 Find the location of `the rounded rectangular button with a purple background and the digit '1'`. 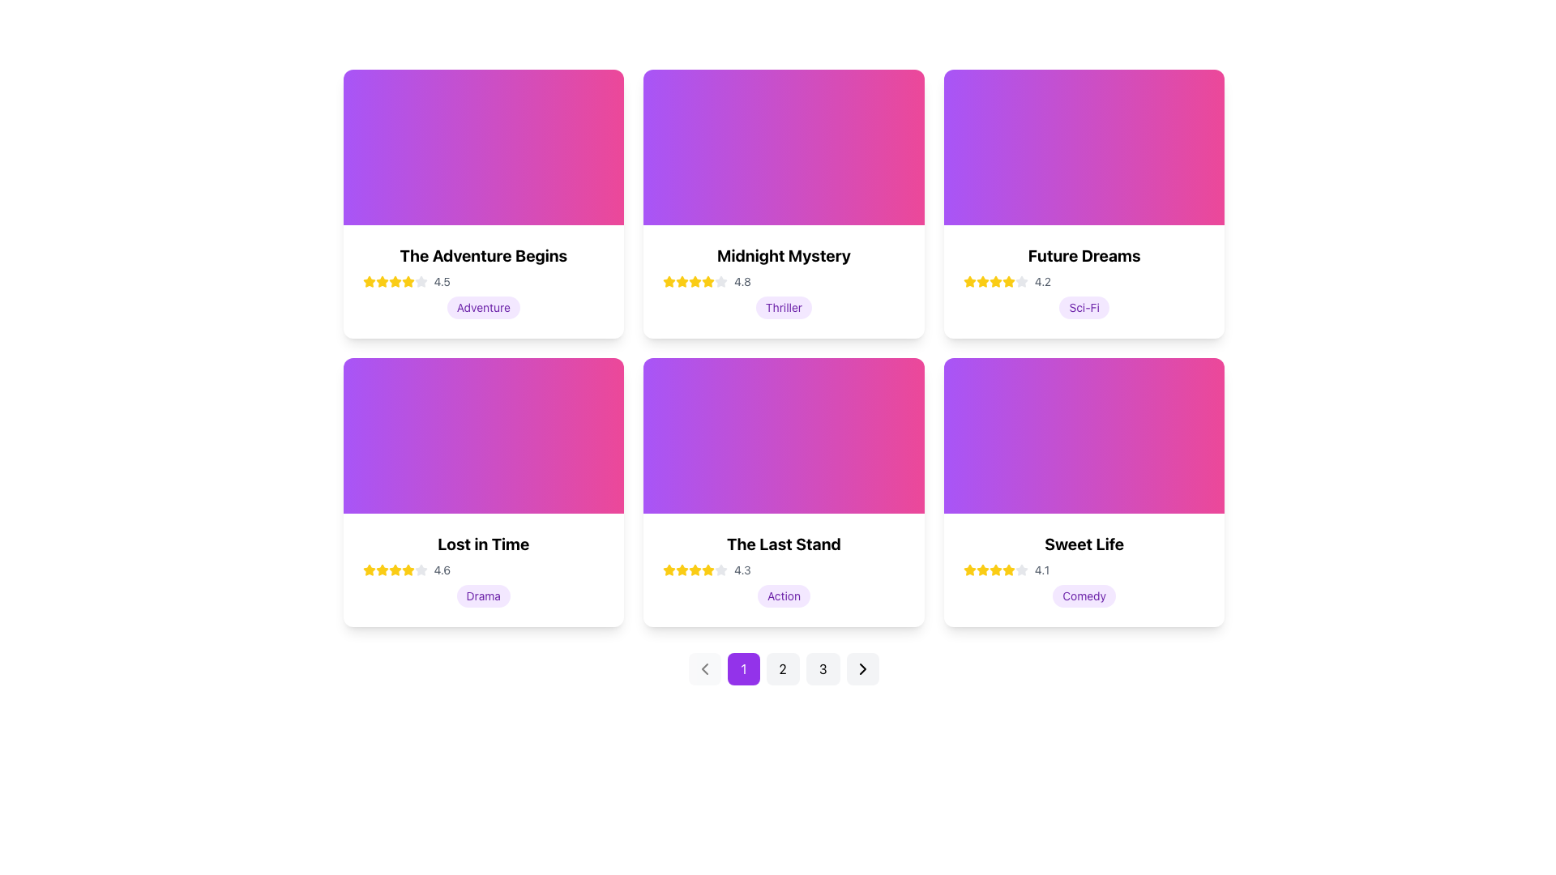

the rounded rectangular button with a purple background and the digit '1' is located at coordinates (742, 668).